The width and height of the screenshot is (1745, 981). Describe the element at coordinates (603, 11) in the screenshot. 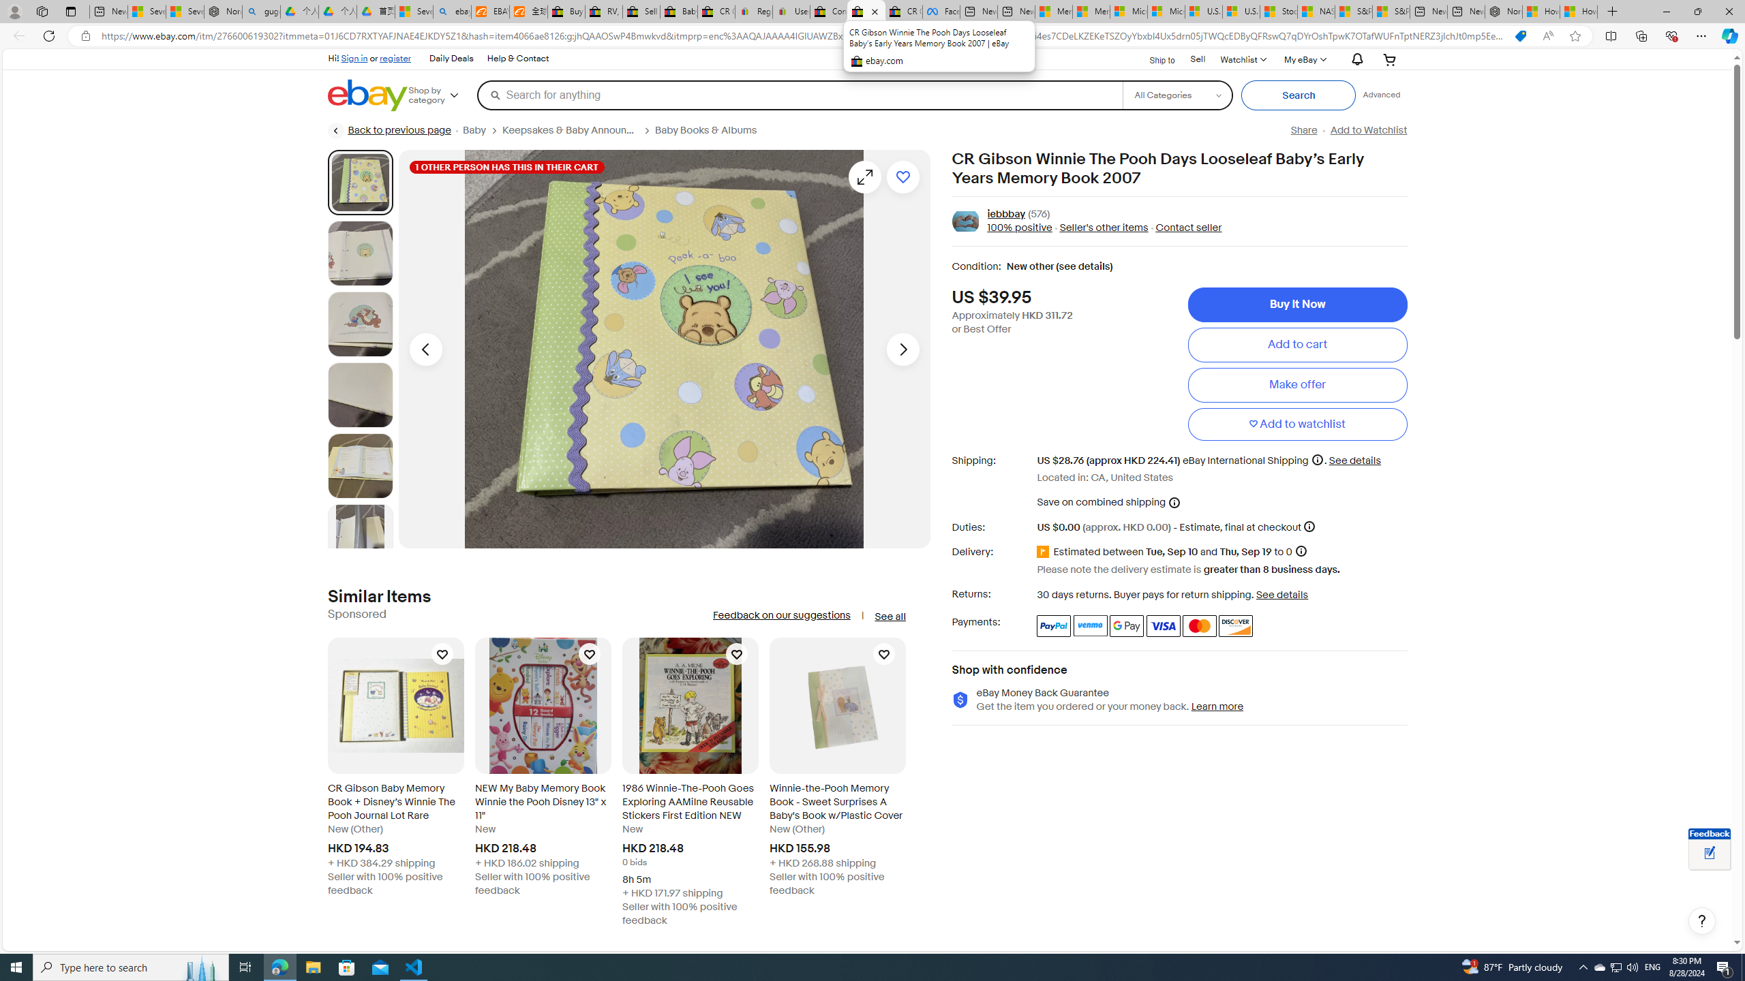

I see `'RV, Trailer & Camper Steps & Ladders for sale | eBay'` at that location.